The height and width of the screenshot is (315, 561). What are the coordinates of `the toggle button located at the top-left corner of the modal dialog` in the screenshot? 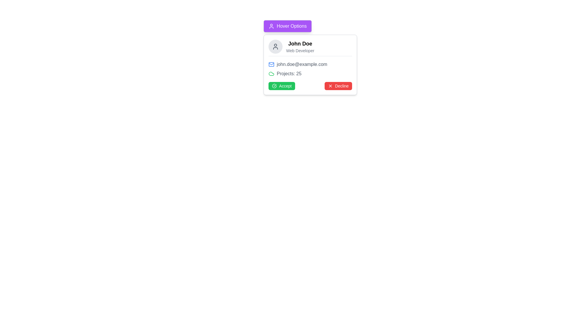 It's located at (288, 26).